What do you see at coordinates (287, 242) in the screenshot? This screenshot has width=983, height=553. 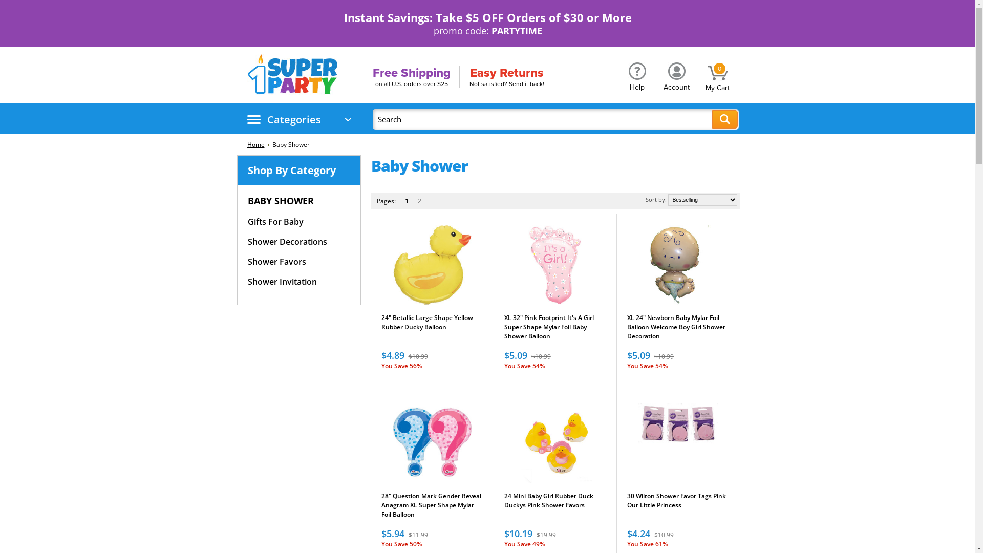 I see `'Shower Decorations'` at bounding box center [287, 242].